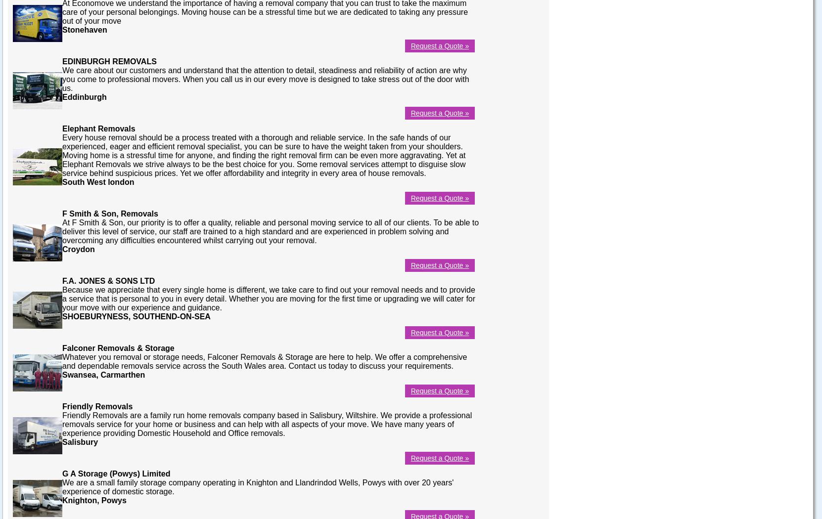  I want to click on 'Croydon', so click(78, 248).